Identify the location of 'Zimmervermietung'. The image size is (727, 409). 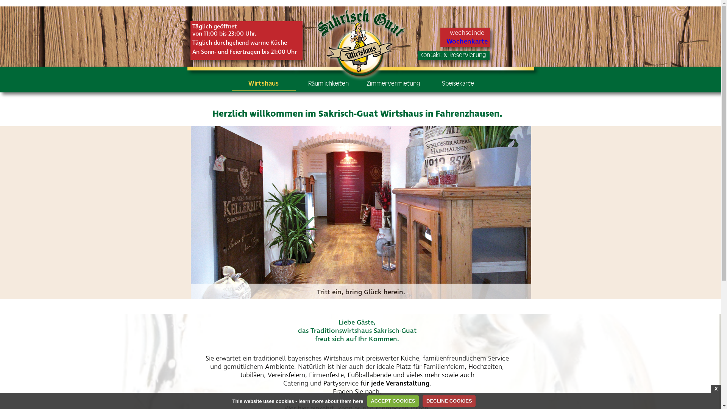
(393, 83).